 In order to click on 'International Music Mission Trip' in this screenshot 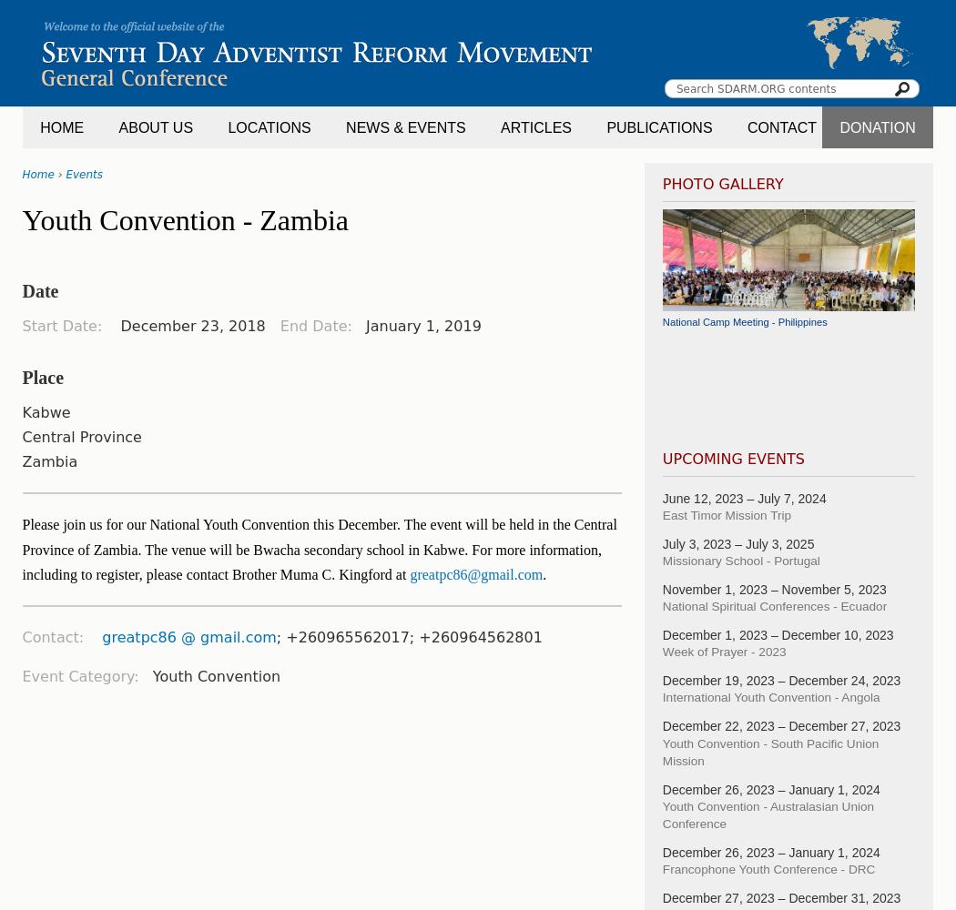, I will do `click(732, 399)`.